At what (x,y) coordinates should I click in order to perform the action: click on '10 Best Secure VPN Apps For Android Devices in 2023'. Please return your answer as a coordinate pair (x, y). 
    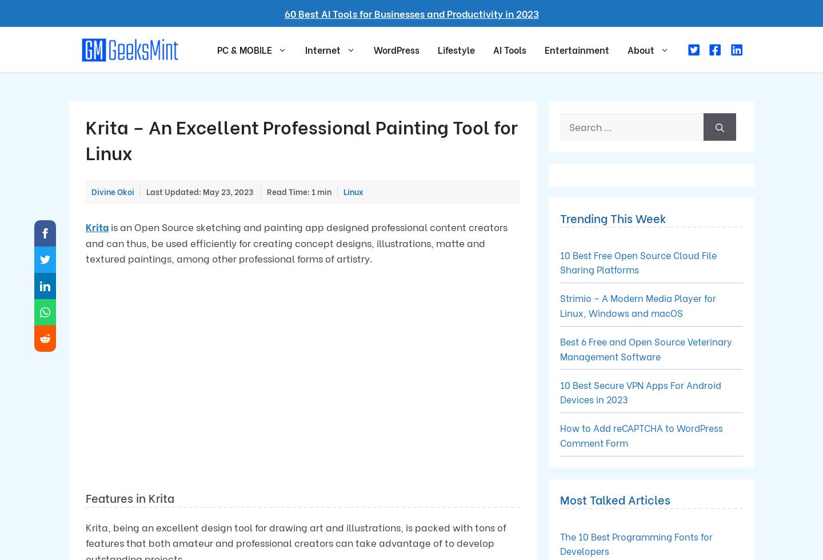
    Looking at the image, I should click on (560, 391).